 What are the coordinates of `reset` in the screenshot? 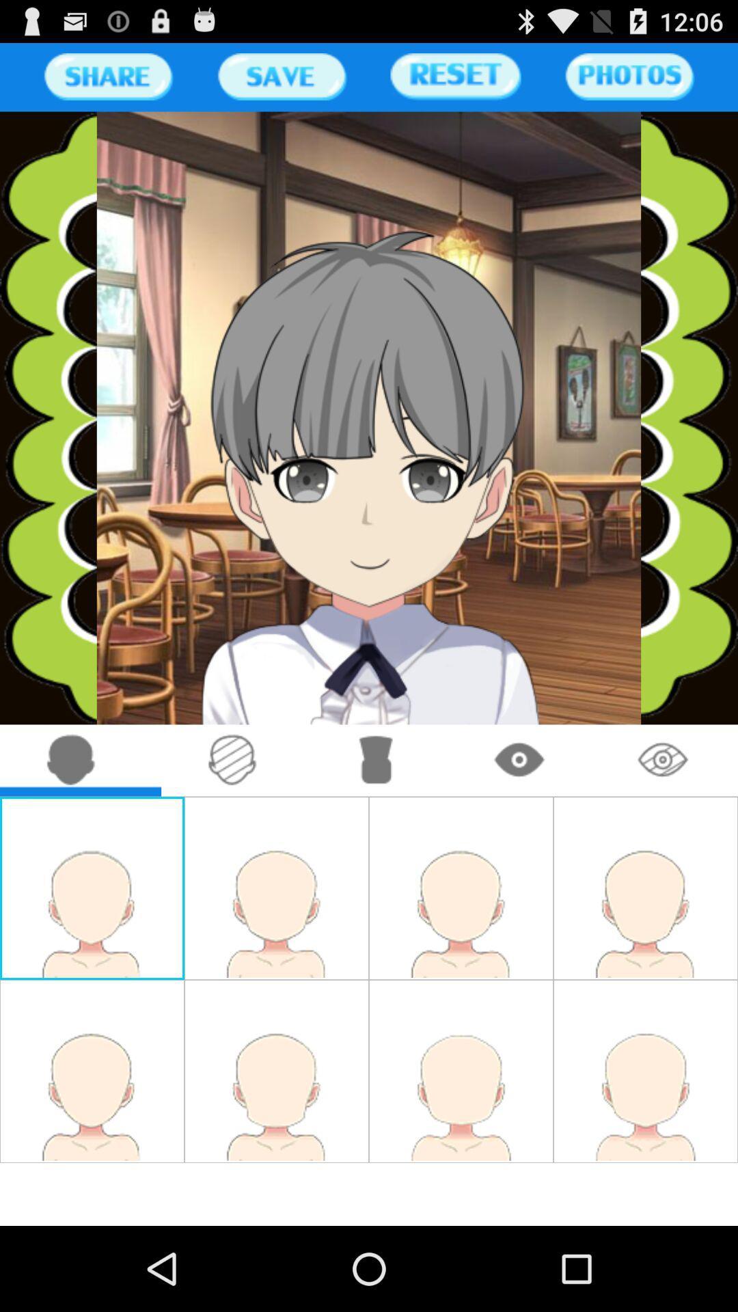 It's located at (456, 76).